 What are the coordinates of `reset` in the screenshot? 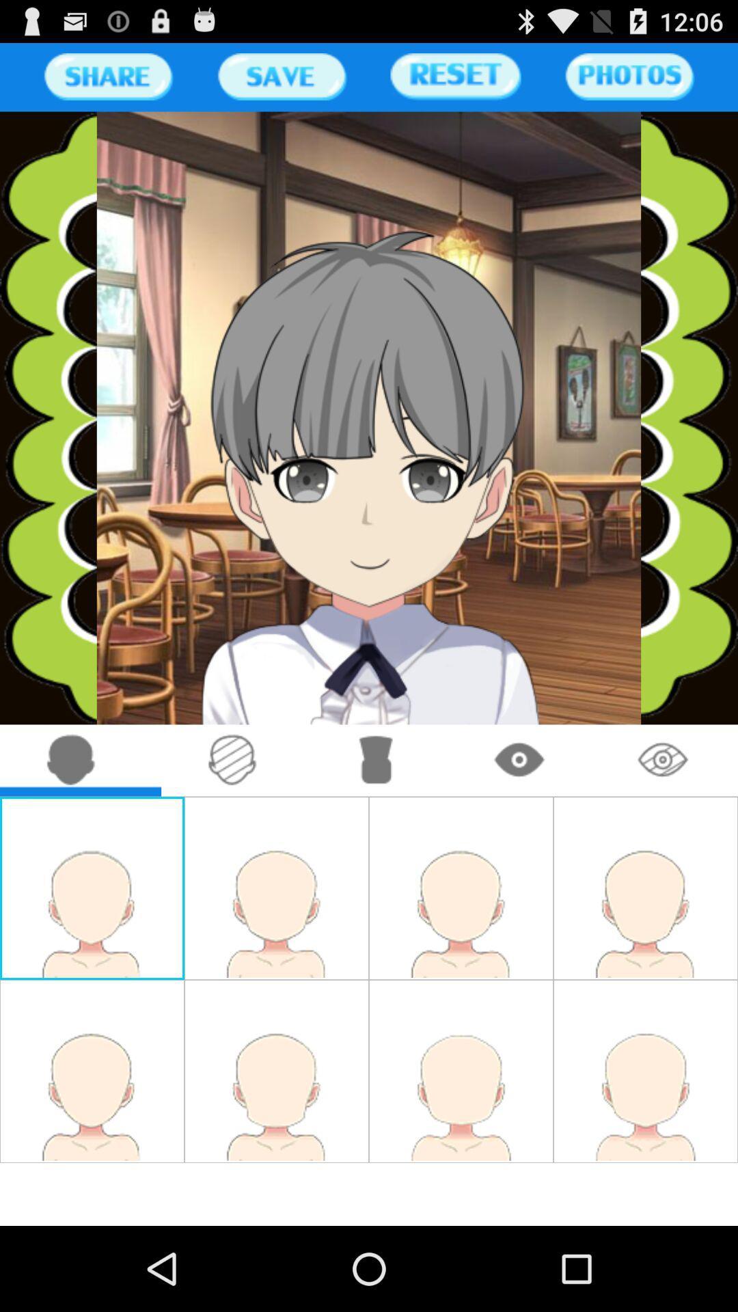 It's located at (456, 76).